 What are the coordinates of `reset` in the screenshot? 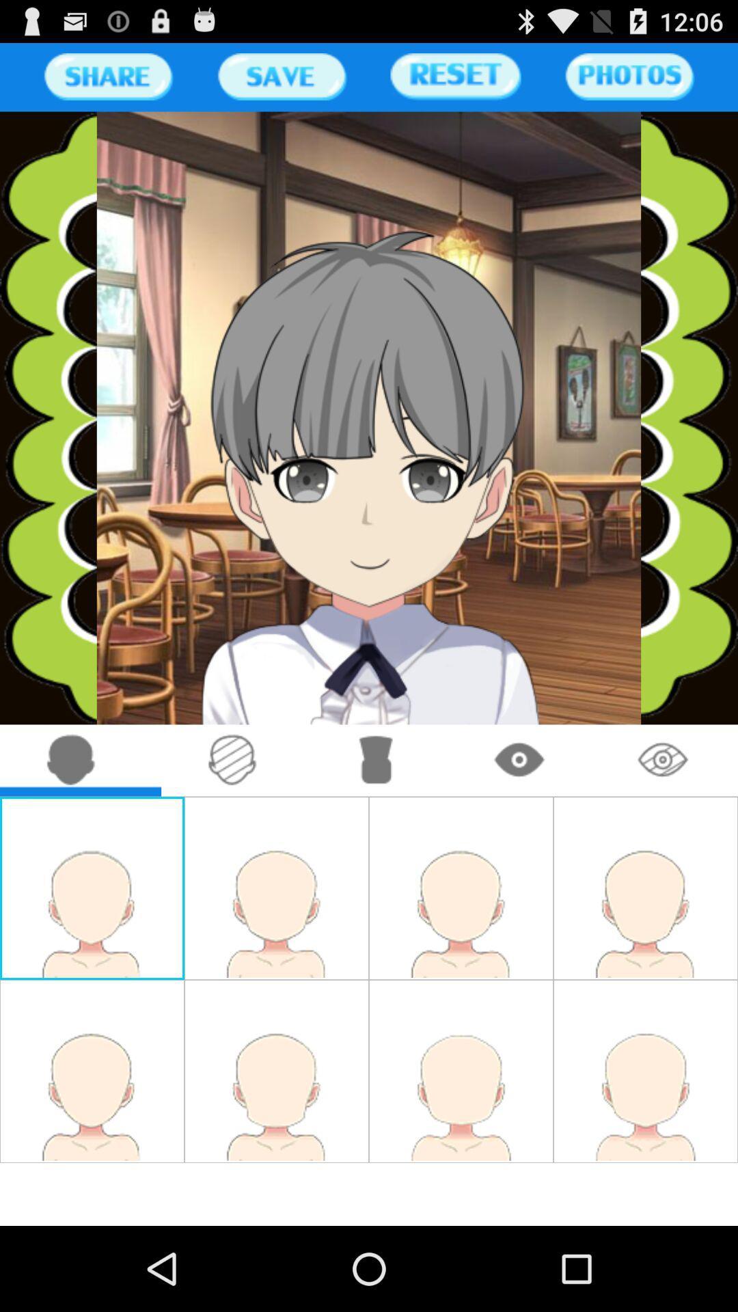 It's located at (456, 76).